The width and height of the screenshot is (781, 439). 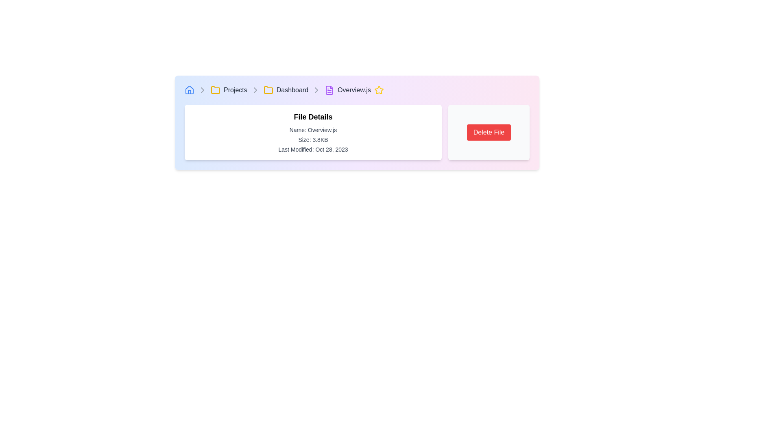 What do you see at coordinates (378, 90) in the screenshot?
I see `the star icon located at the end of the breadcrumb navigation bar next to 'Overview.js'` at bounding box center [378, 90].